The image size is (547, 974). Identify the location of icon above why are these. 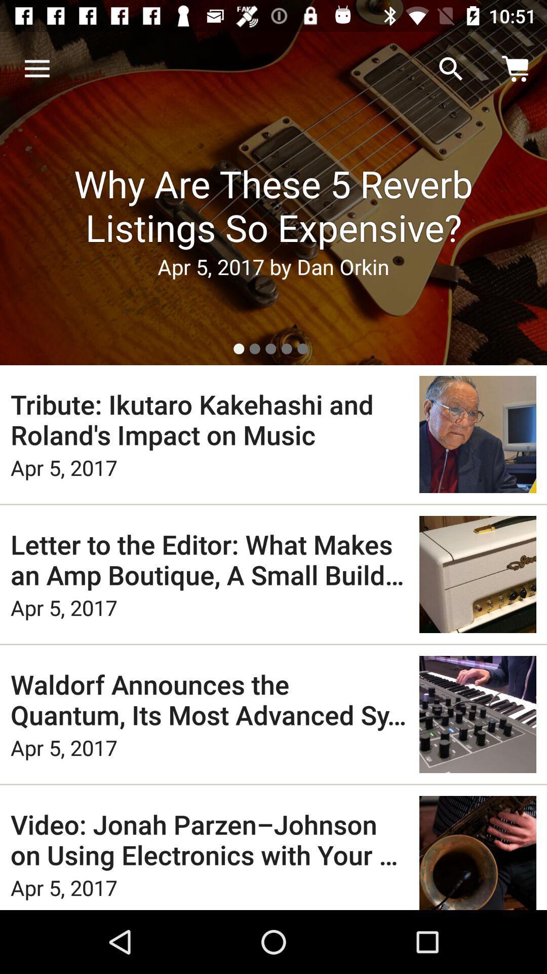
(451, 68).